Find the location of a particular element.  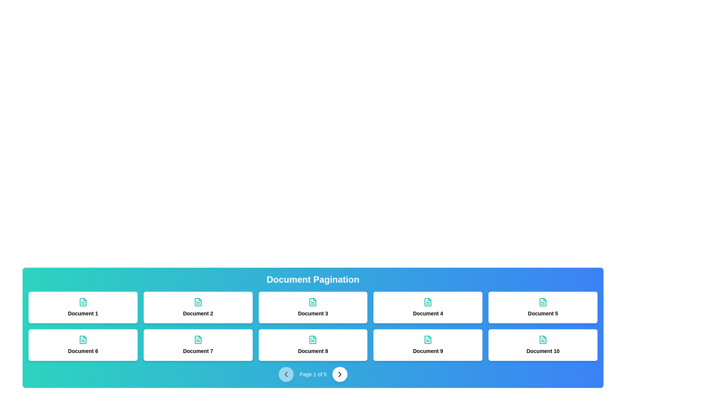

the Text label that informs users about the current page and the total number of pages, located in the pagination section between the 'previous' and 'next' navigation buttons is located at coordinates (313, 374).